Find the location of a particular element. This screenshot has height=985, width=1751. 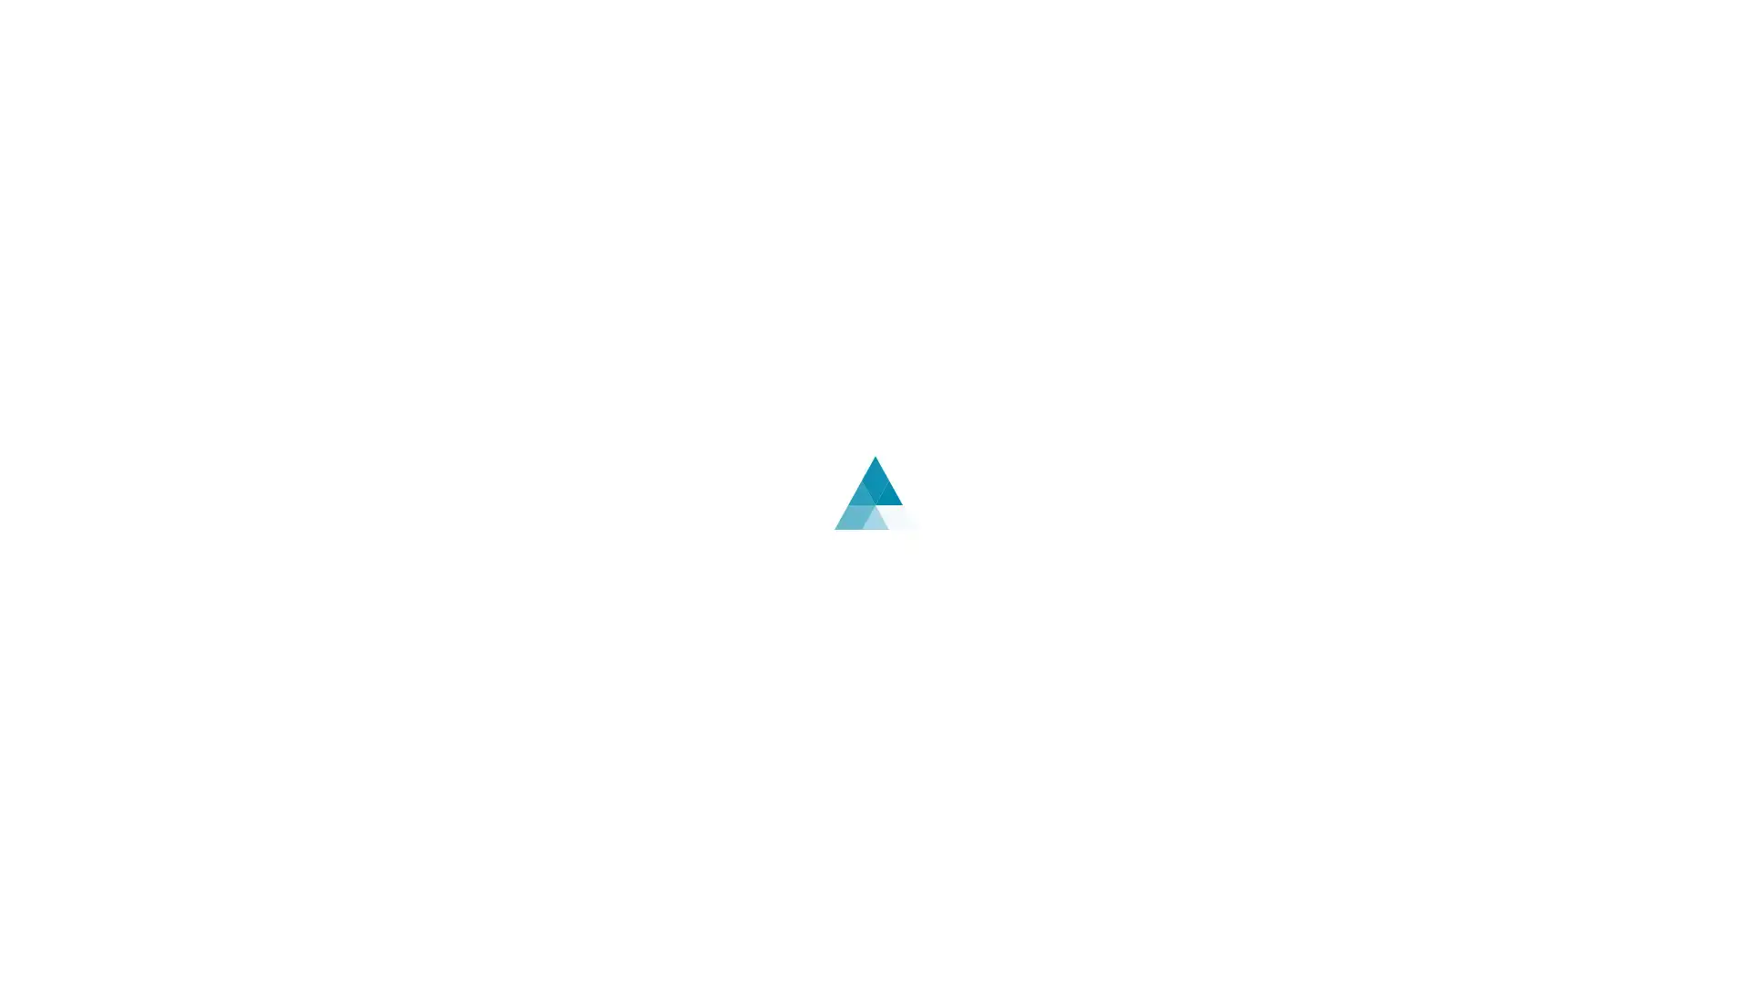

English is located at coordinates (1052, 698).